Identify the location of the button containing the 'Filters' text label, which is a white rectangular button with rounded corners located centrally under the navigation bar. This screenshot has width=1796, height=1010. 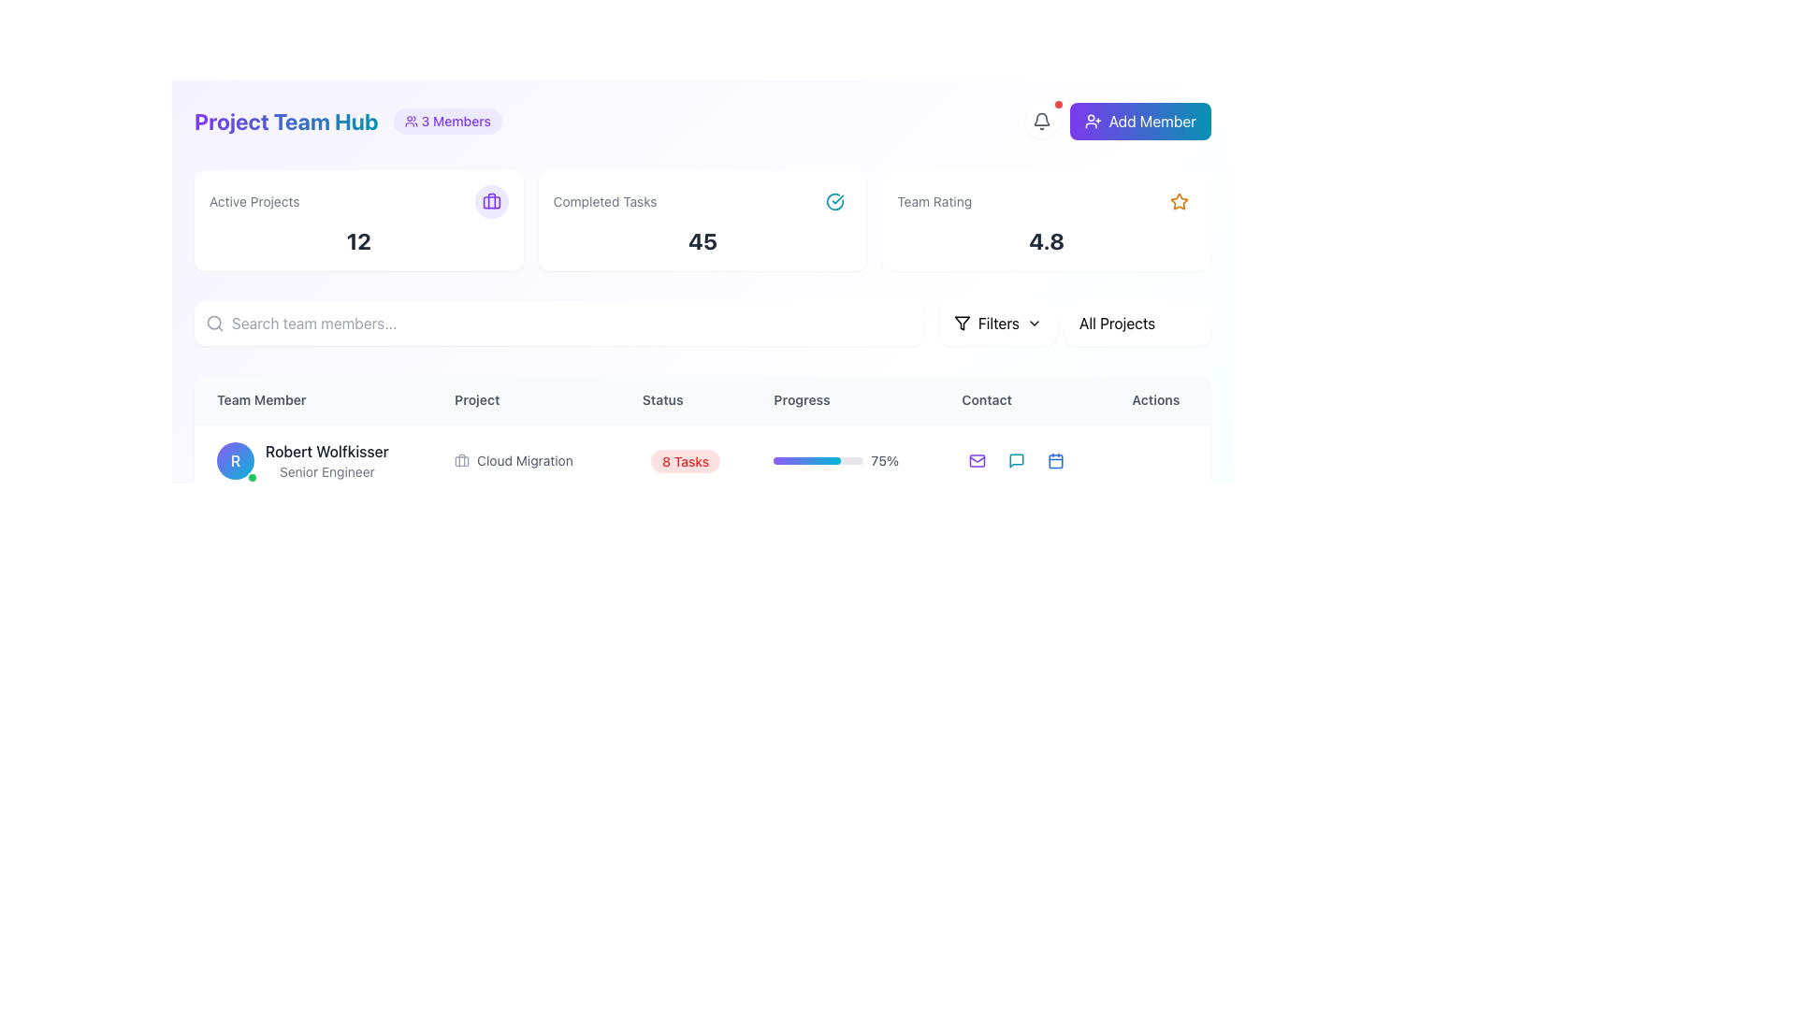
(997, 323).